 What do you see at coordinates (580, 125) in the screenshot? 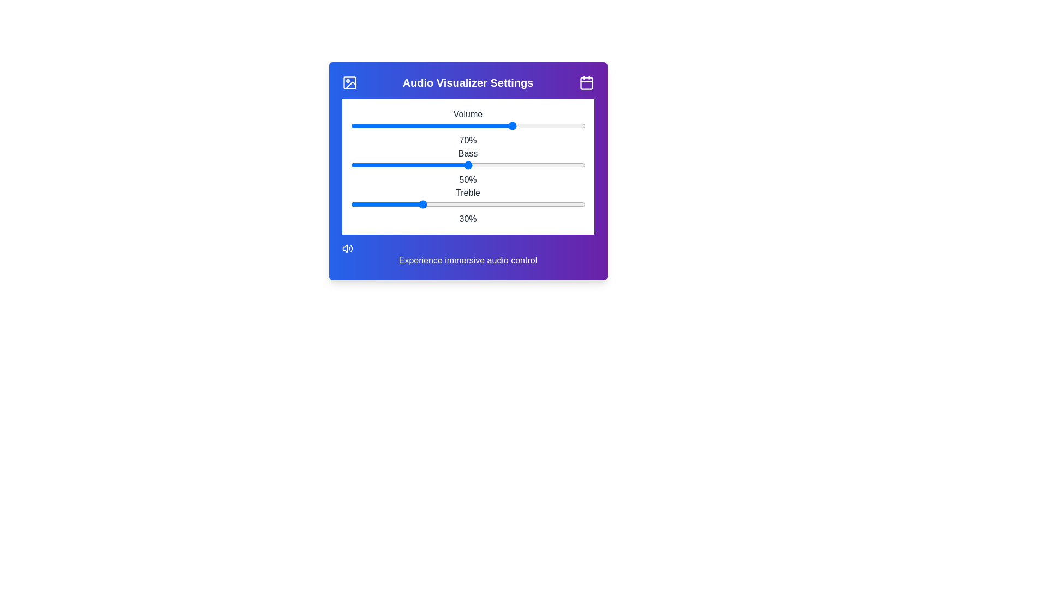
I see `the volume slider to set the volume to 98%` at bounding box center [580, 125].